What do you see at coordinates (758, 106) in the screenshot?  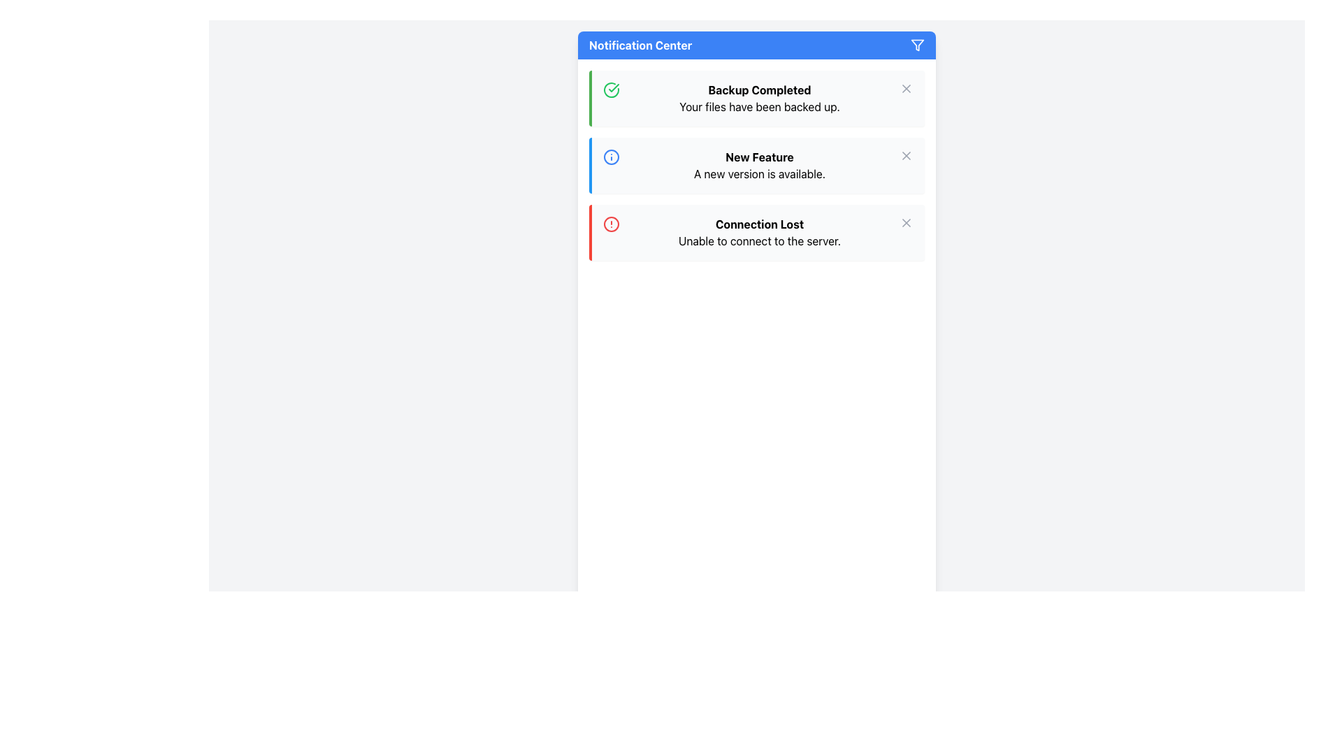 I see `text label displaying 'Your files have been backed up.' located directly beneath the bold title 'Backup Completed' in the notification center` at bounding box center [758, 106].